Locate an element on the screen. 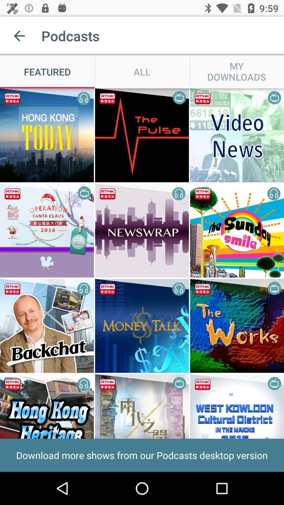 This screenshot has height=505, width=284. the symbol which is at the top right corner of the fourth row second image is located at coordinates (179, 384).